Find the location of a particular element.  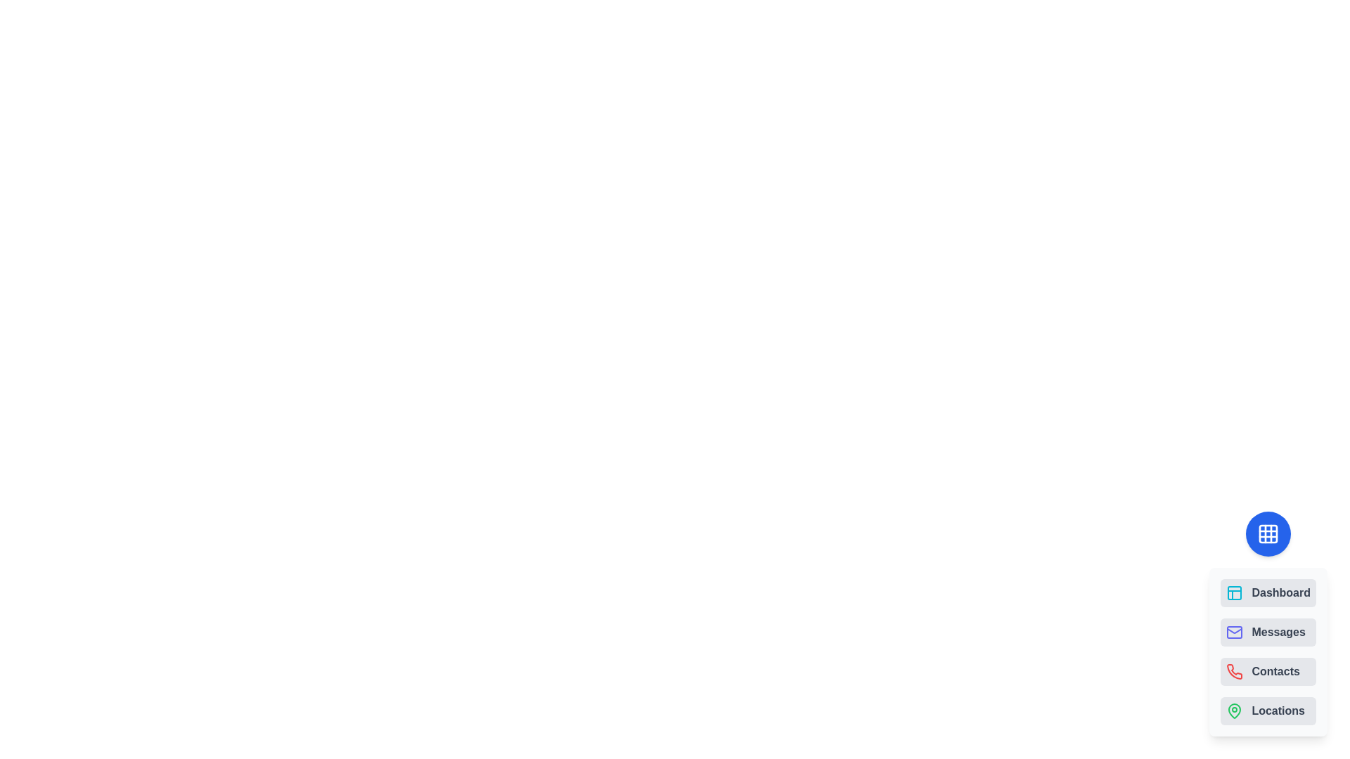

the button labeled Dashboard to observe visual feedback is located at coordinates (1268, 593).